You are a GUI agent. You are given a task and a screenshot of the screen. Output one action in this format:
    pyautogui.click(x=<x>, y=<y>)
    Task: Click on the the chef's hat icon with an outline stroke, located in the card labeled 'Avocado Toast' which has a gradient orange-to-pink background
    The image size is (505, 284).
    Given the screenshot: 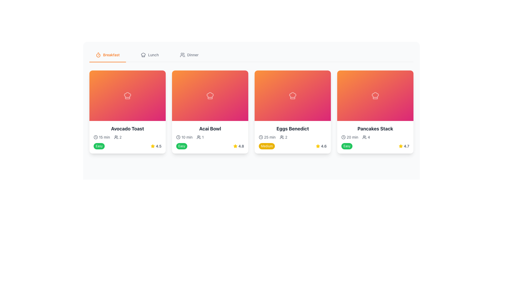 What is the action you would take?
    pyautogui.click(x=127, y=95)
    